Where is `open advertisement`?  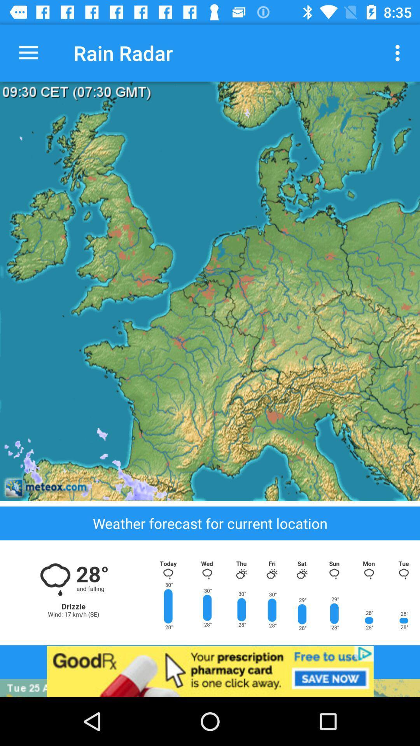
open advertisement is located at coordinates (210, 671).